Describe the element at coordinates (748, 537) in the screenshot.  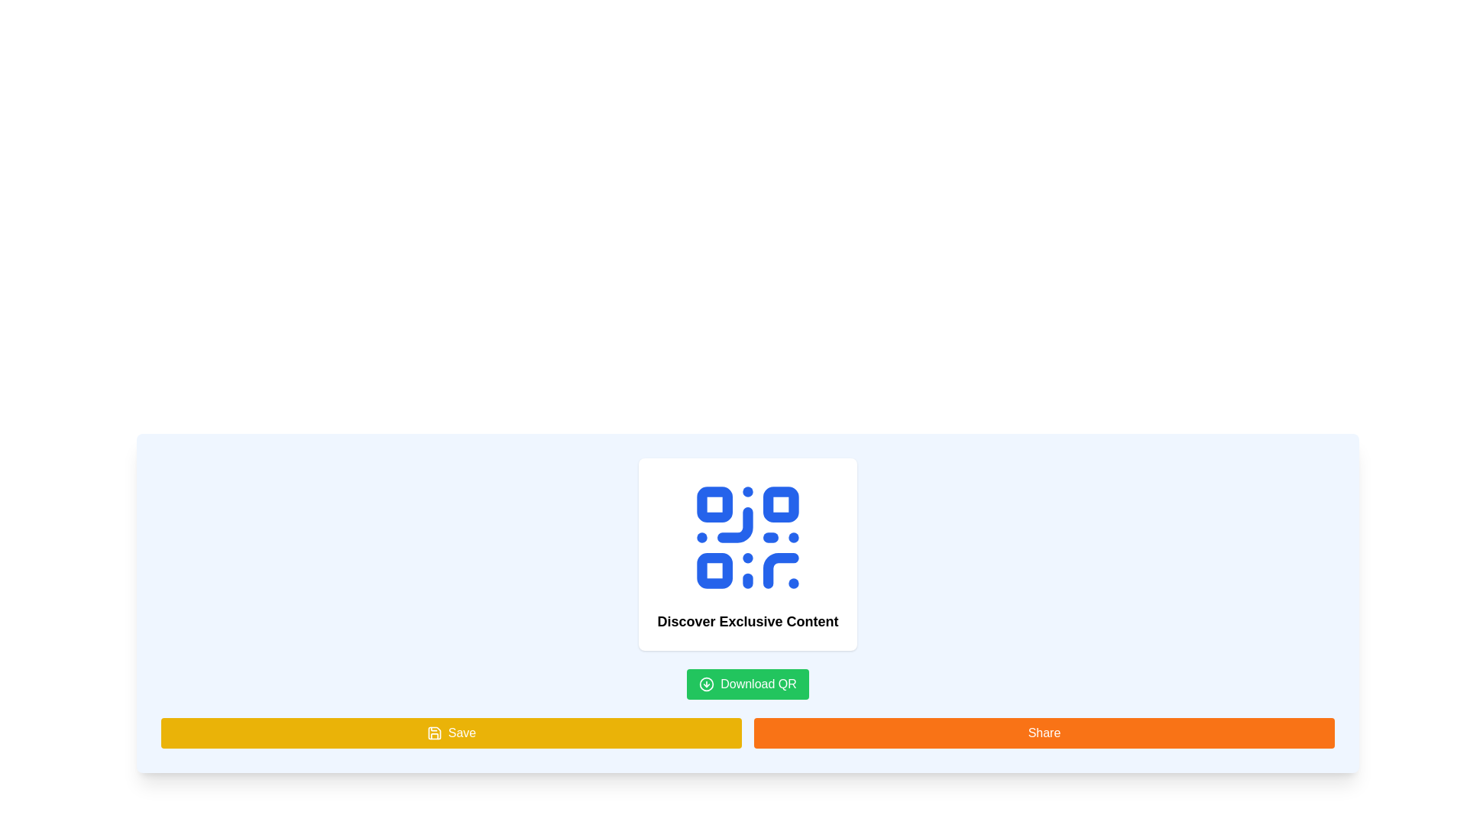
I see `the blue QR code icon with a minimalistic design, located above the text 'Discover Exclusive Content' within a white card` at that location.